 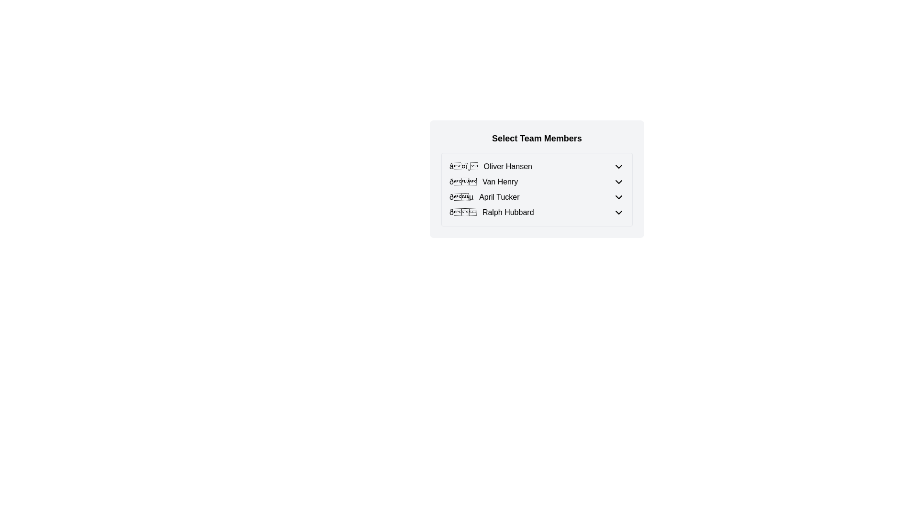 I want to click on to select the list item option for 'Van Henry', which is the second entry in the 'Select Team Members' list, so click(x=537, y=182).